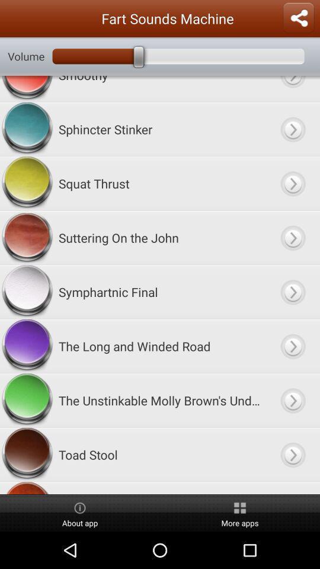 This screenshot has height=569, width=320. I want to click on sharing options, so click(297, 18).